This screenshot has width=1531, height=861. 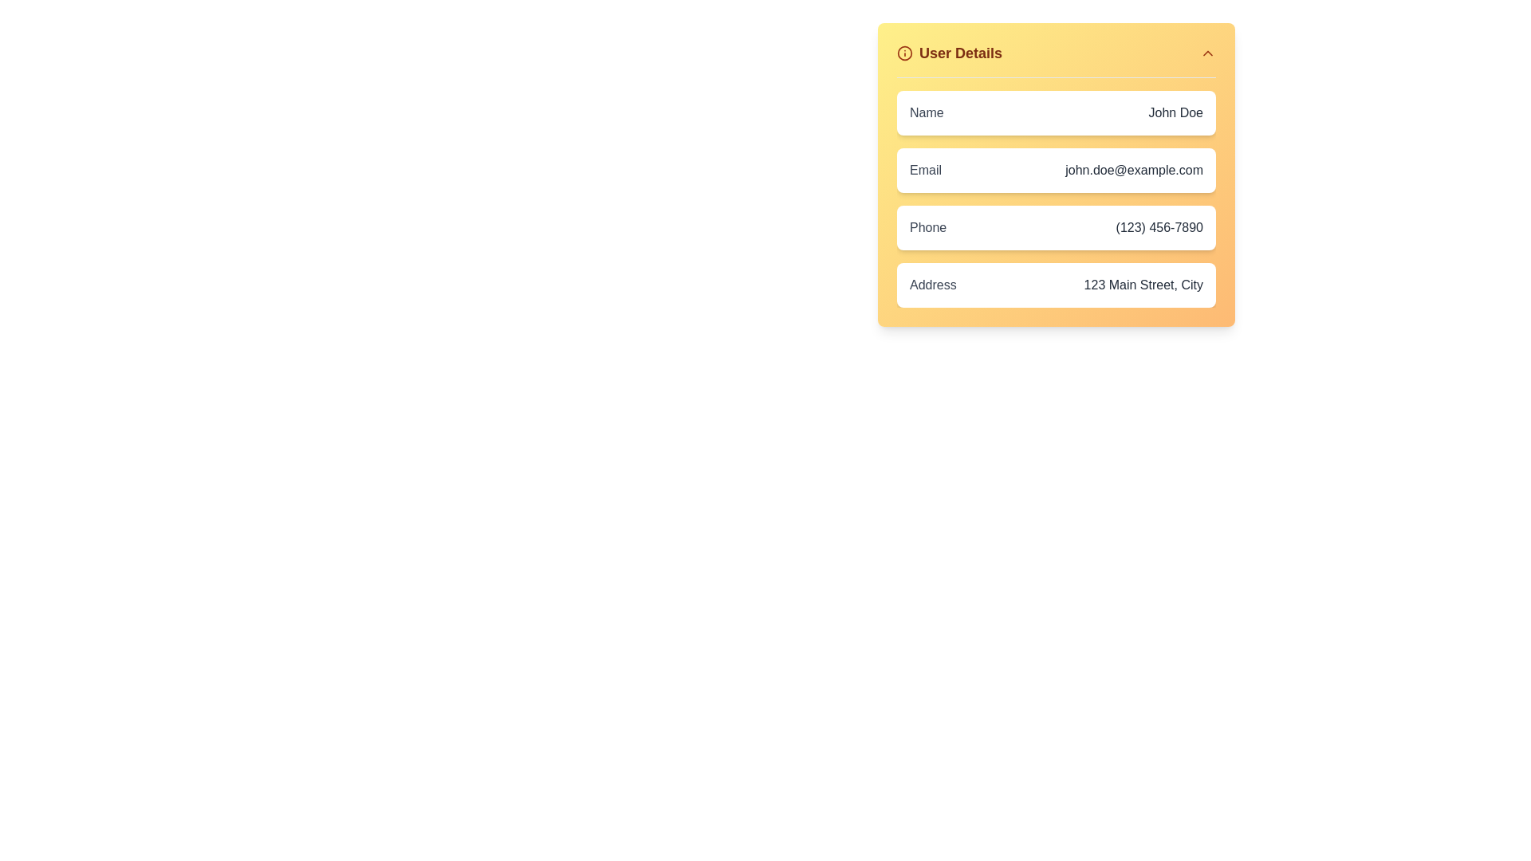 What do you see at coordinates (1056, 170) in the screenshot?
I see `the static informational display section that shows the email 'john.doe@example.com' with a light background and rounded corners` at bounding box center [1056, 170].